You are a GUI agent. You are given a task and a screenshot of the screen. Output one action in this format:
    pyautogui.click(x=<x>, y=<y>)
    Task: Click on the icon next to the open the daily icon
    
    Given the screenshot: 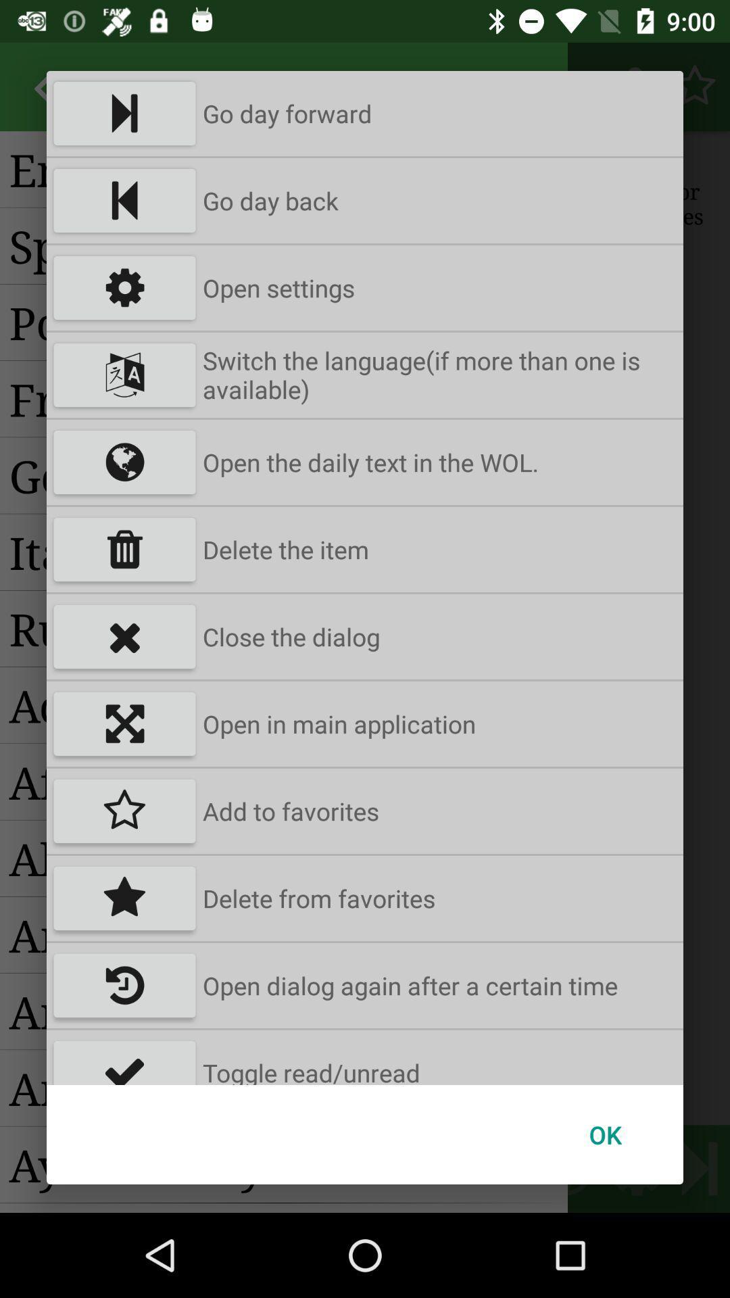 What is the action you would take?
    pyautogui.click(x=124, y=462)
    